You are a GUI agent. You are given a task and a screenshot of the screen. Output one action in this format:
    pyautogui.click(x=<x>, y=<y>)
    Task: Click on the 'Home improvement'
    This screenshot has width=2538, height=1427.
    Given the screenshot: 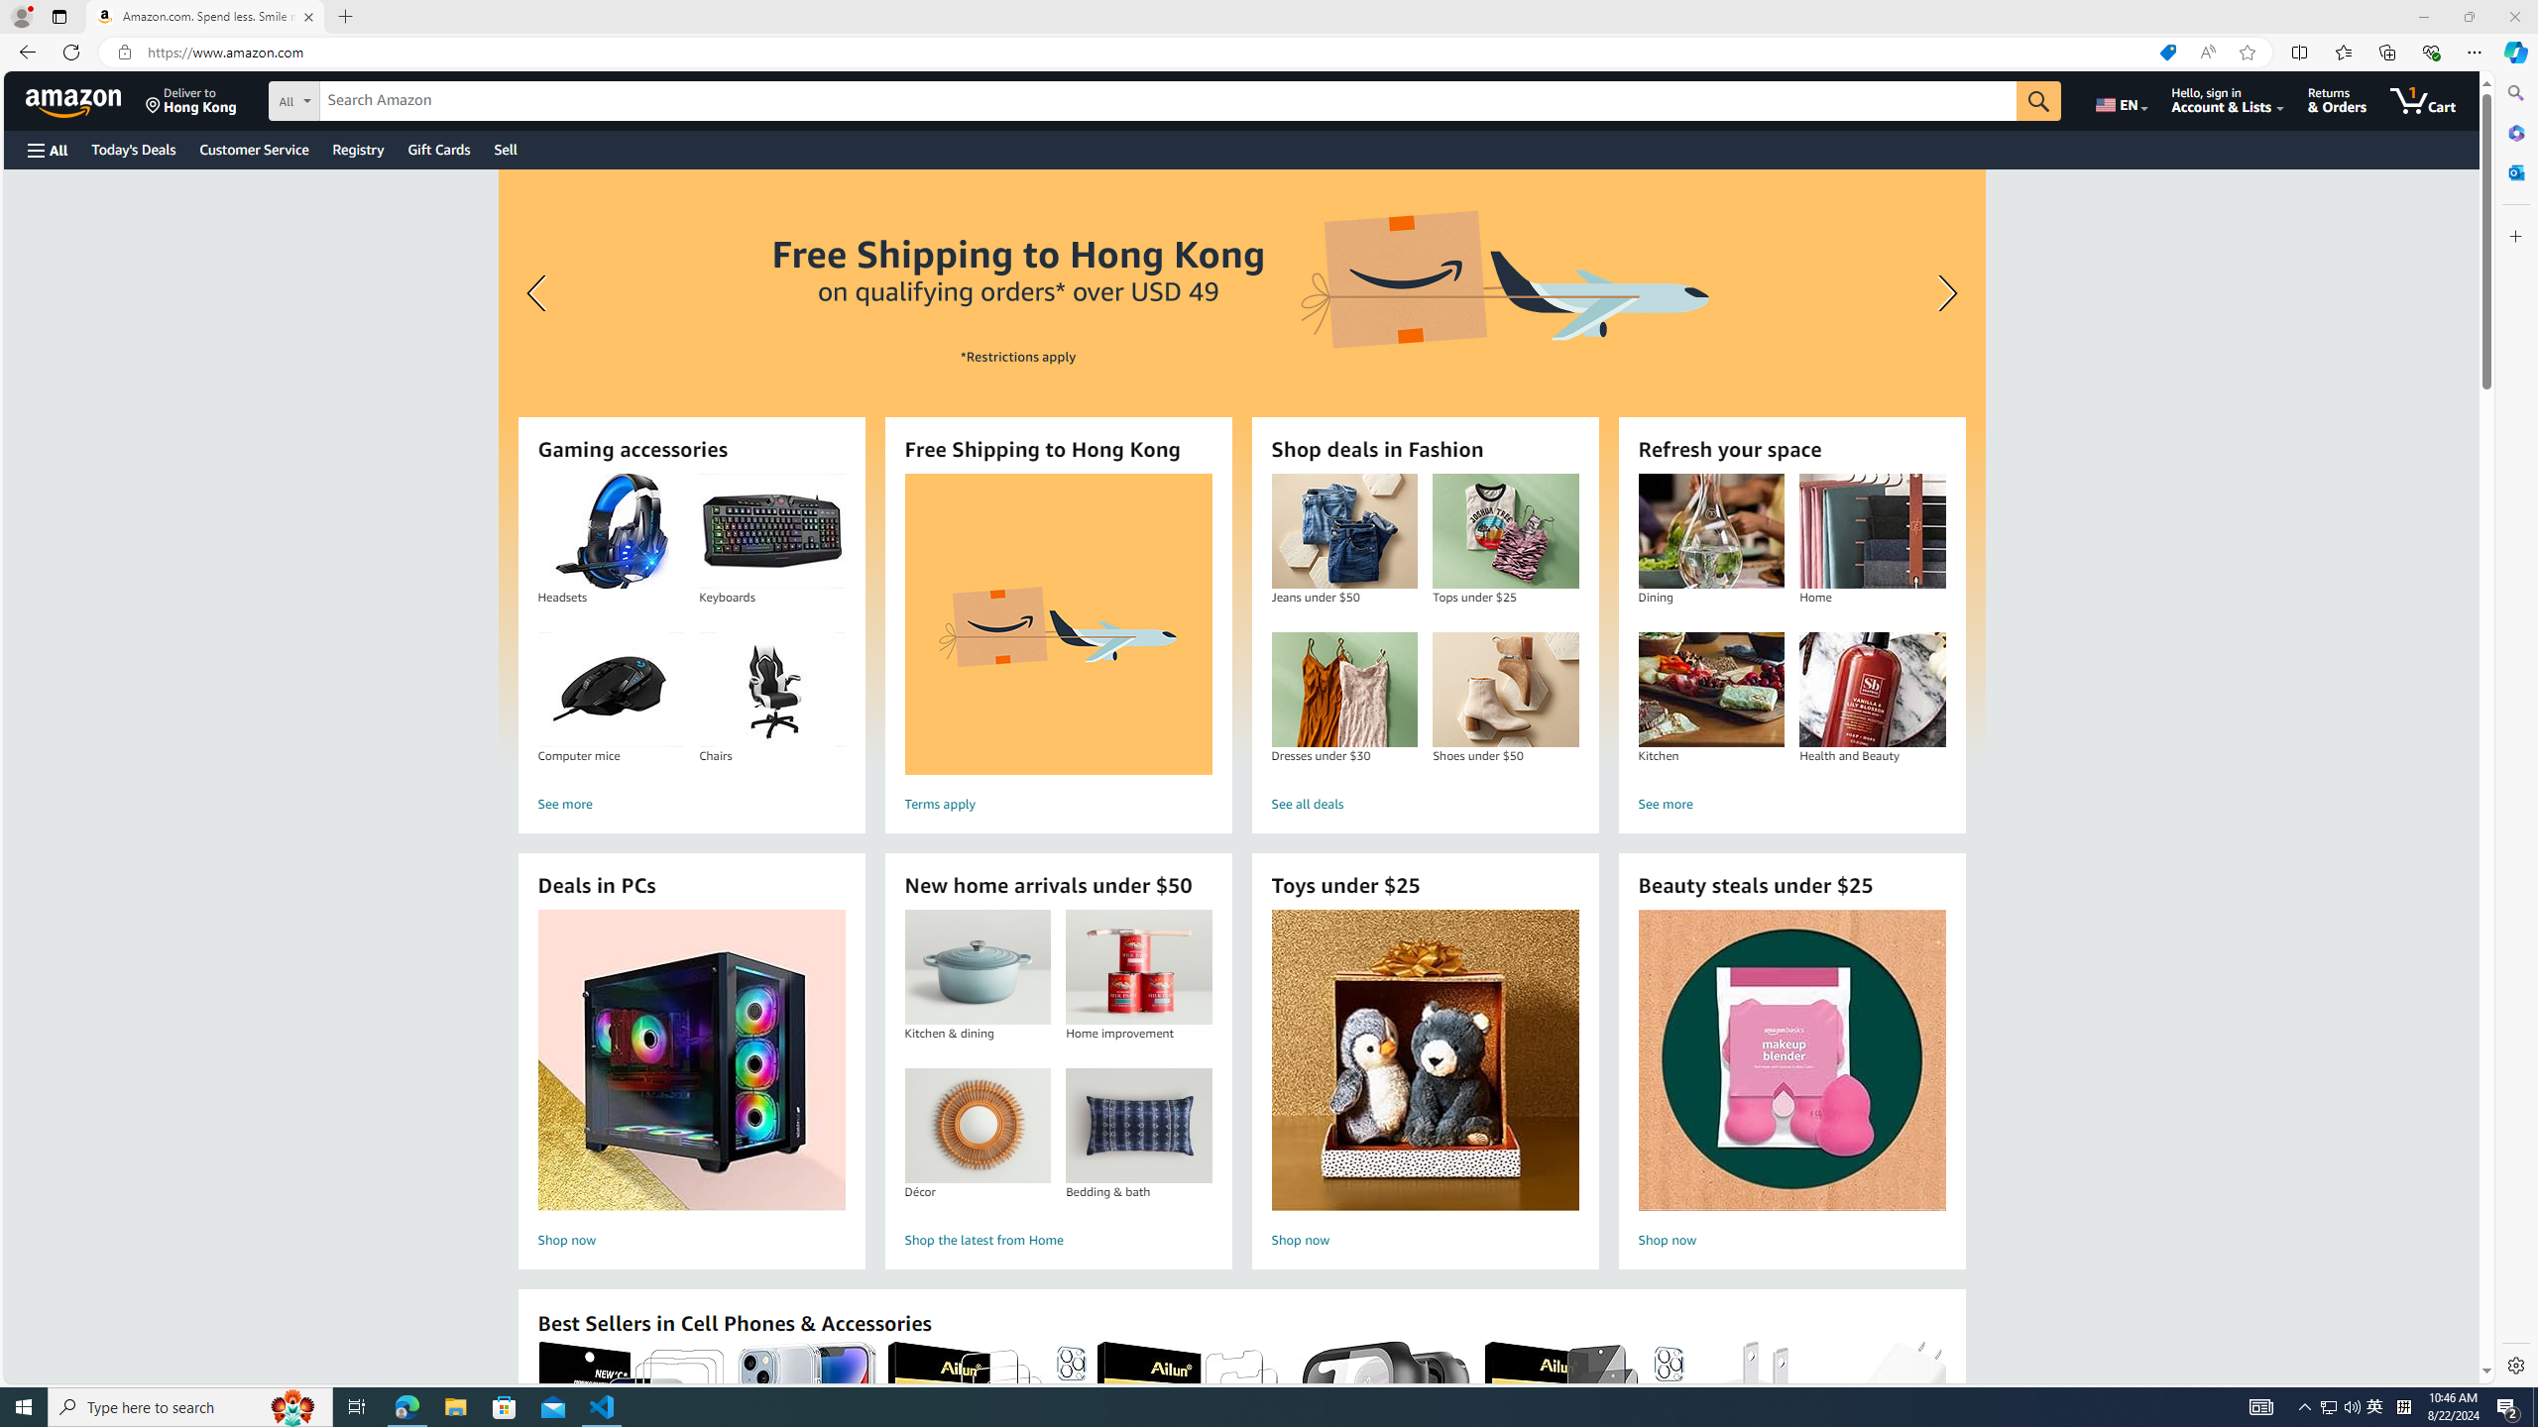 What is the action you would take?
    pyautogui.click(x=1137, y=967)
    